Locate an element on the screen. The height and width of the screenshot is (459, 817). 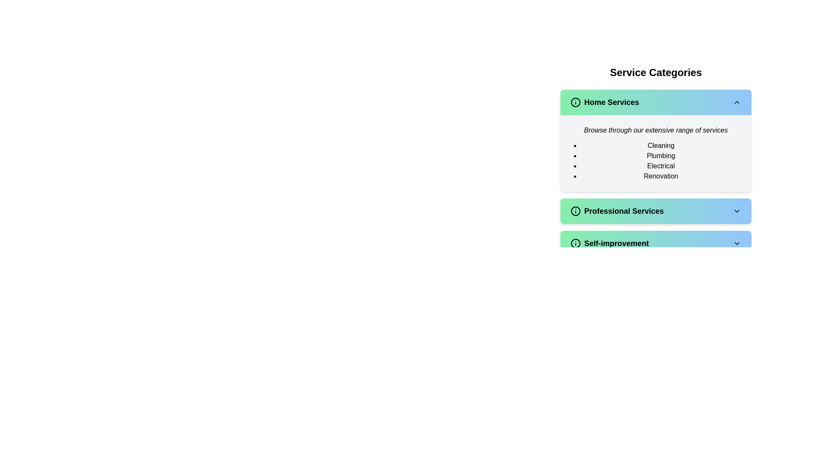
the circular SVG icon located to the left of the 'Home Services' heading text, which serves as a visual marker for the section is located at coordinates (576, 102).